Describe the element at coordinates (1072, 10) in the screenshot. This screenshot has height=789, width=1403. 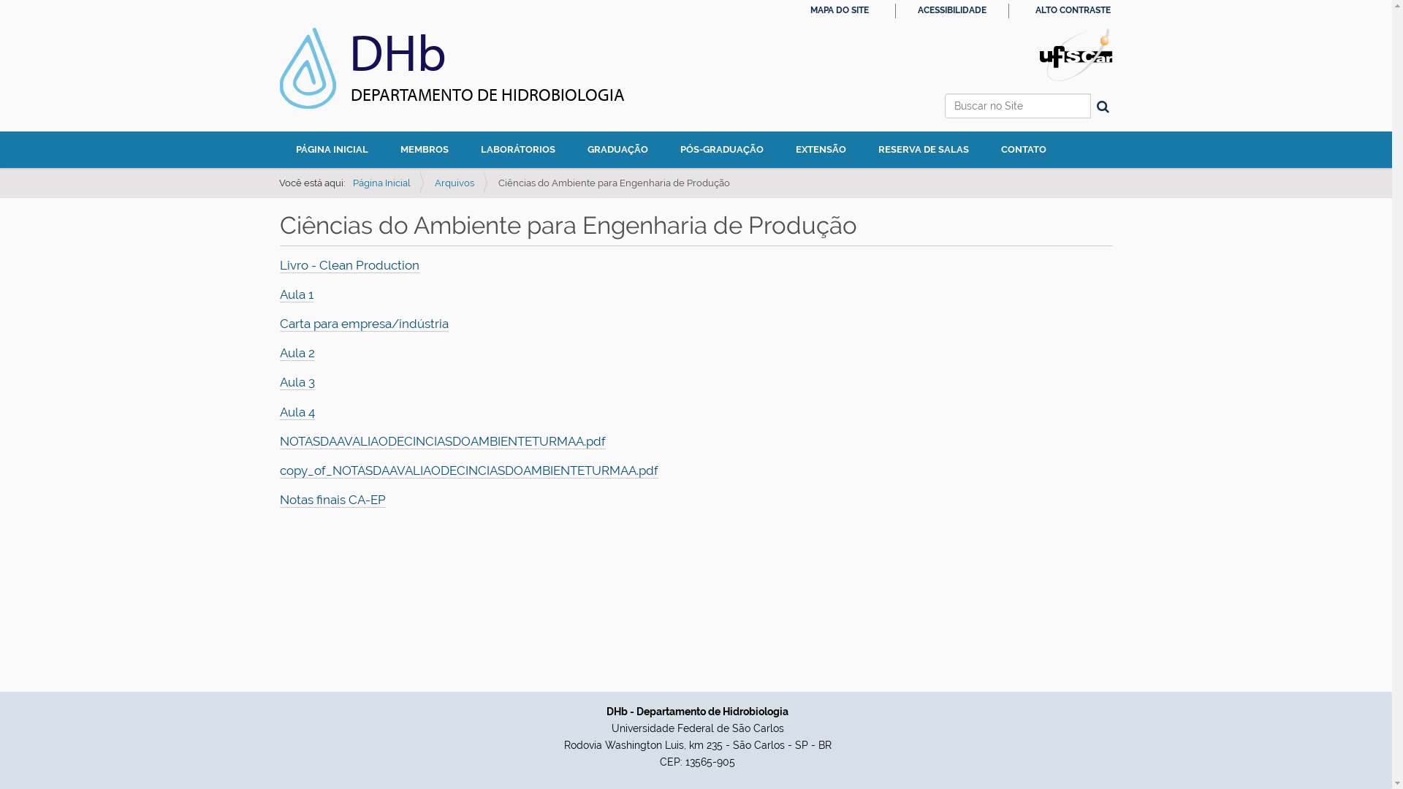
I see `'ALTO CONTRASTE'` at that location.